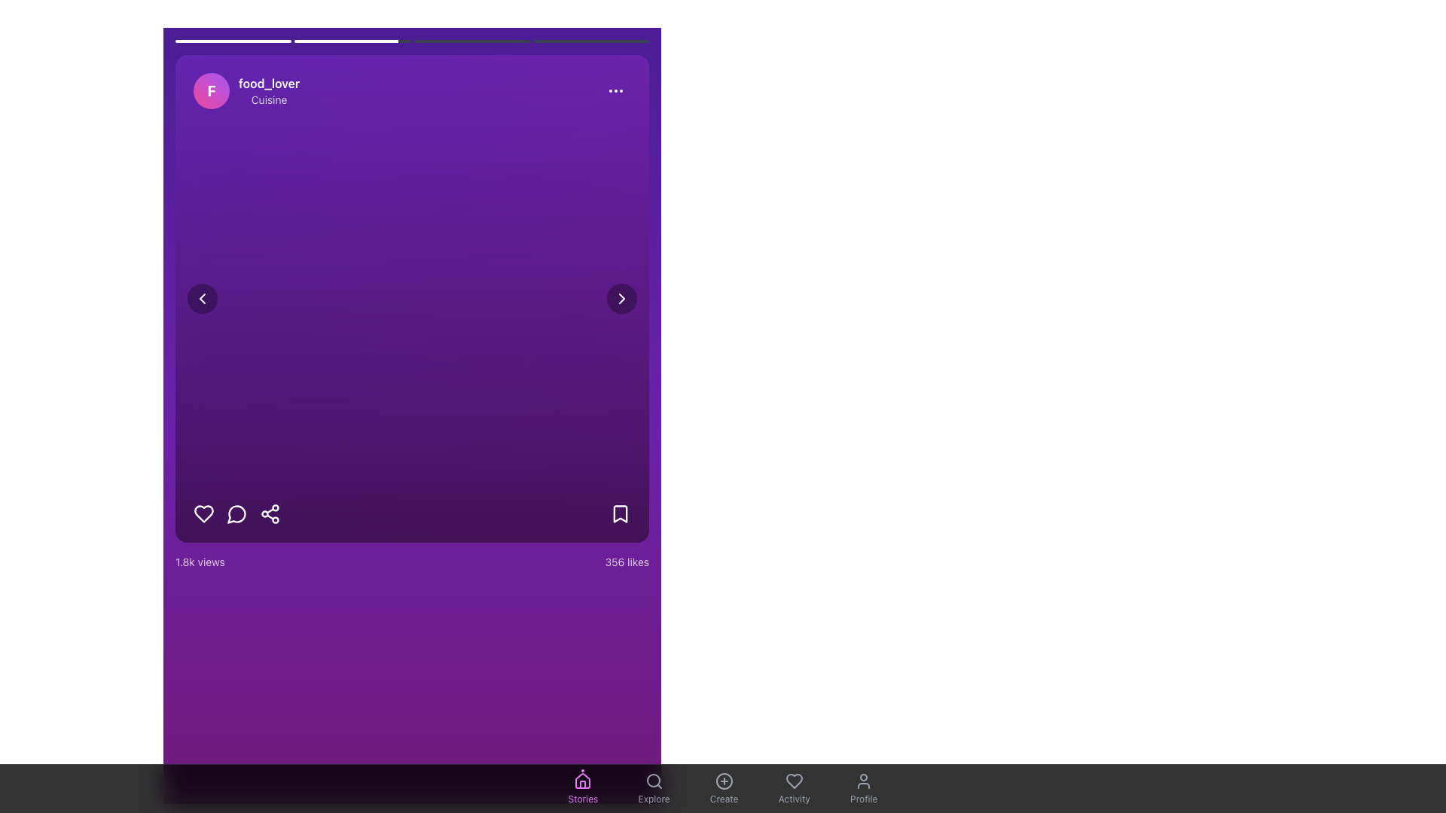 The width and height of the screenshot is (1446, 813). Describe the element at coordinates (236, 513) in the screenshot. I see `the circular speech bubble icon located near the bottom left of the interface` at that location.